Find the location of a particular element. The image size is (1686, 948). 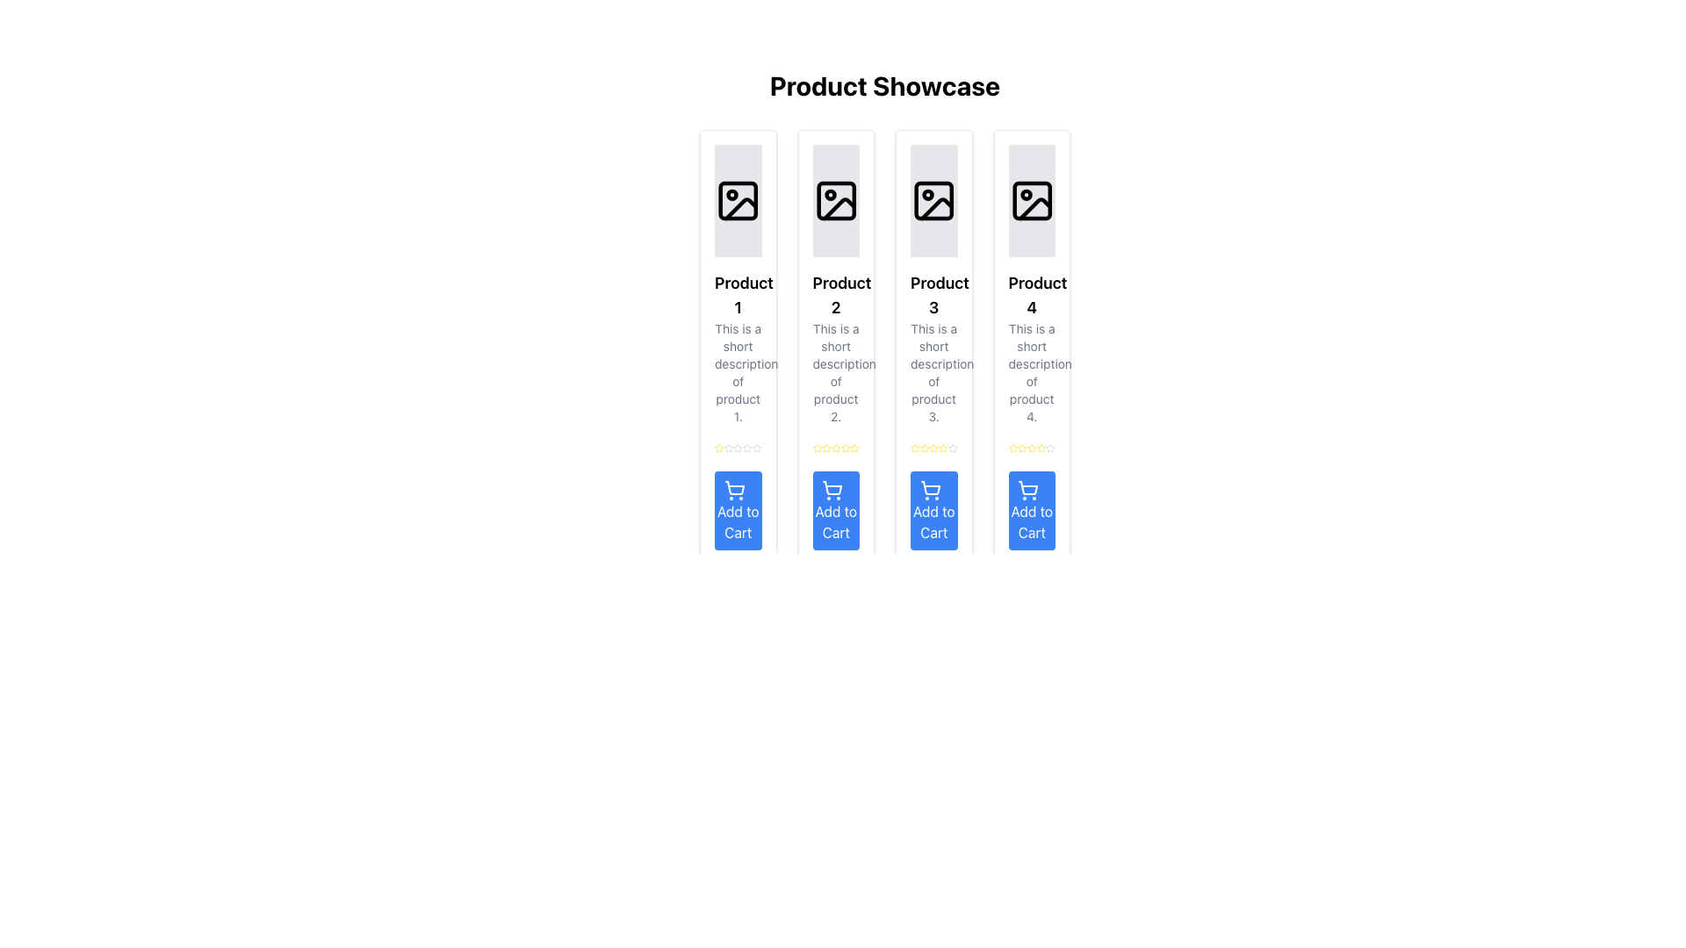

the second star icon in the rating system below the description of Product 2 is located at coordinates (816, 447).